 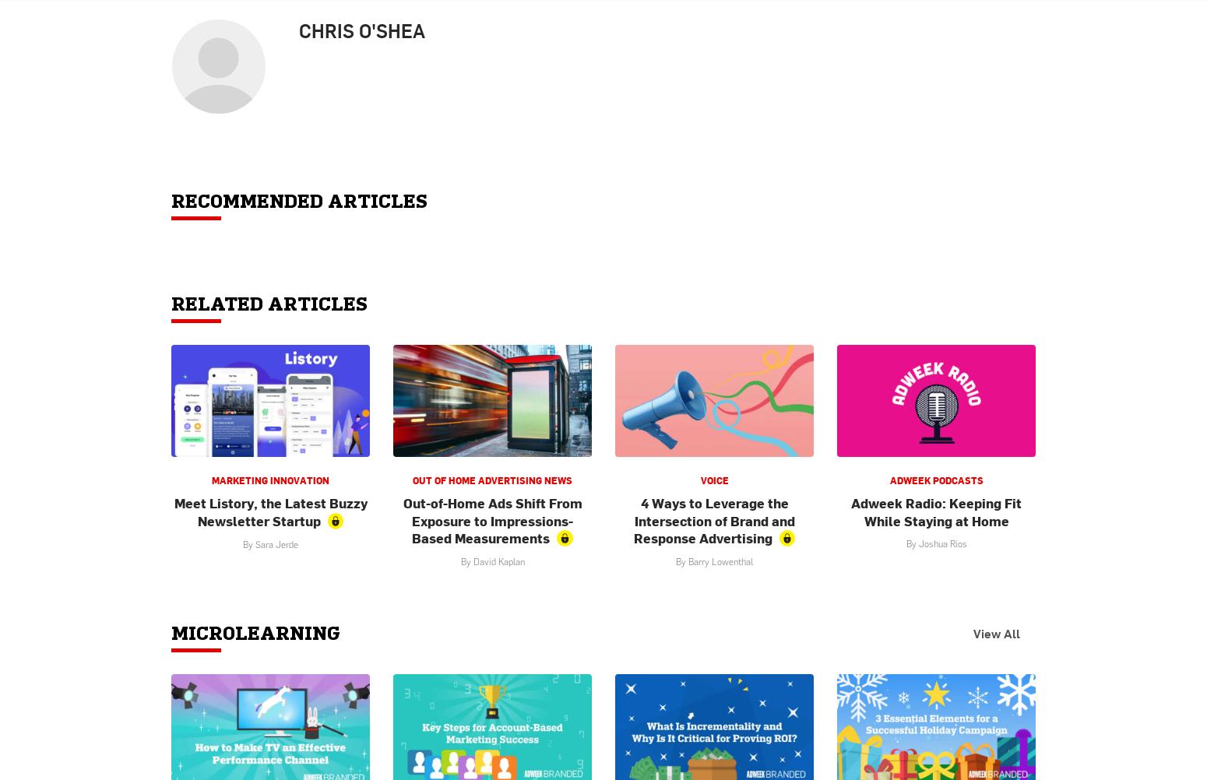 What do you see at coordinates (268, 303) in the screenshot?
I see `'Related Articles'` at bounding box center [268, 303].